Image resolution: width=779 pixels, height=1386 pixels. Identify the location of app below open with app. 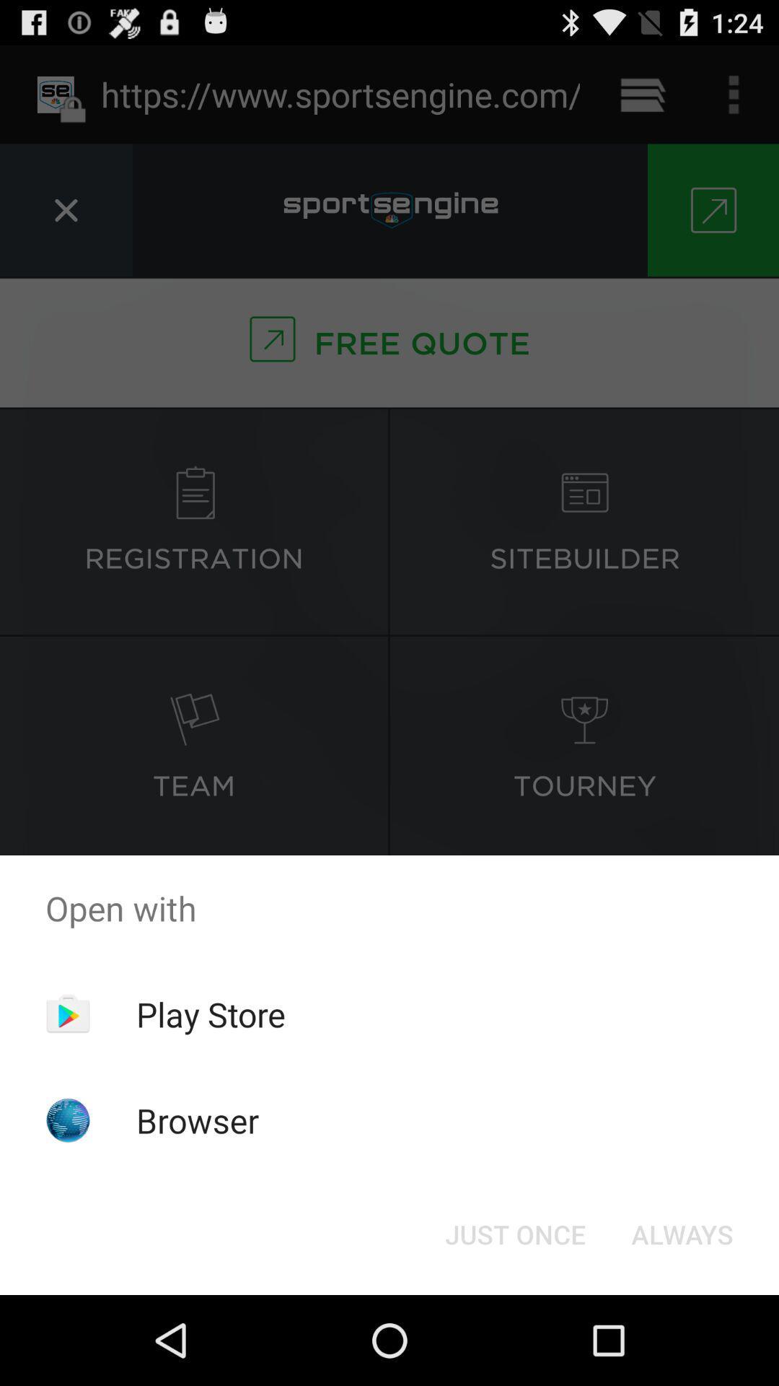
(211, 1014).